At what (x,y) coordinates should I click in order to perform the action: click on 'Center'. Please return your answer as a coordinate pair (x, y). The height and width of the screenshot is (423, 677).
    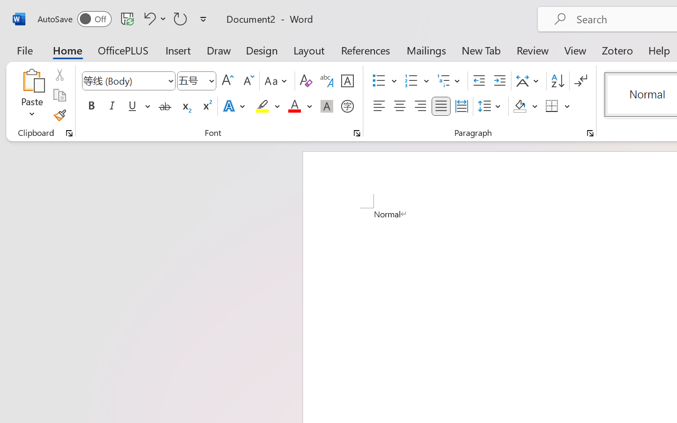
    Looking at the image, I should click on (399, 106).